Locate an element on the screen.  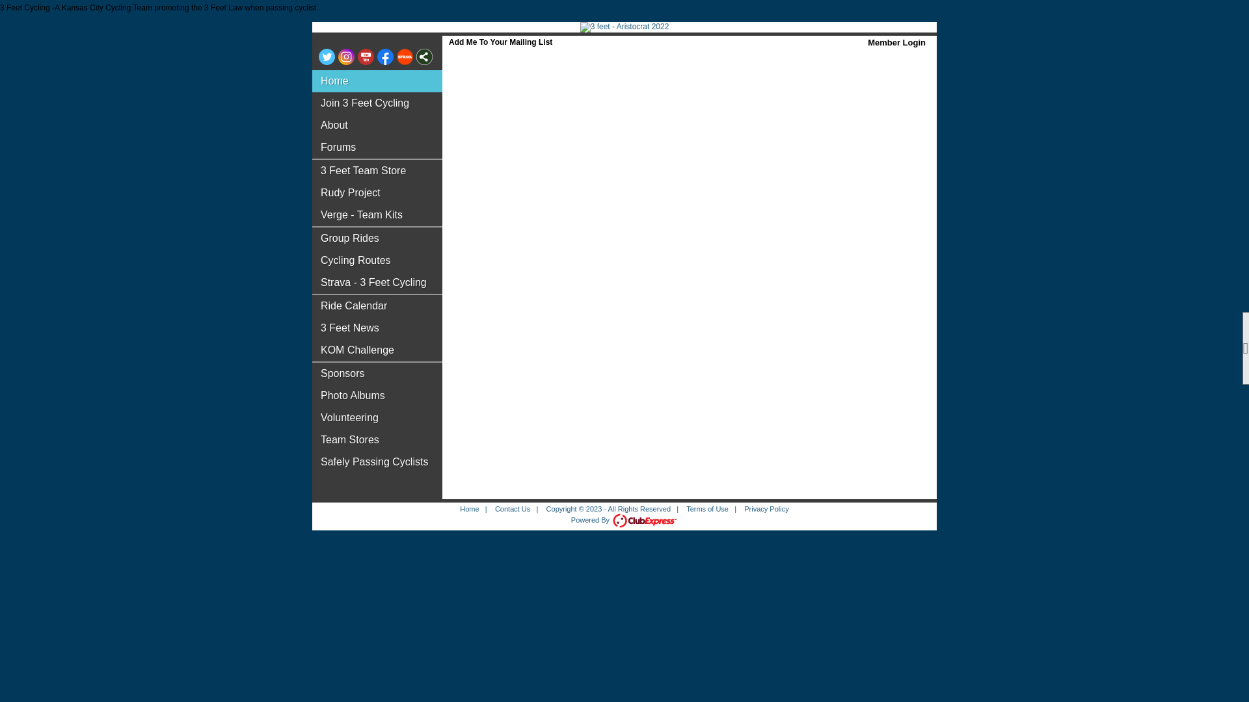
'Visit us on Strava' is located at coordinates (404, 57).